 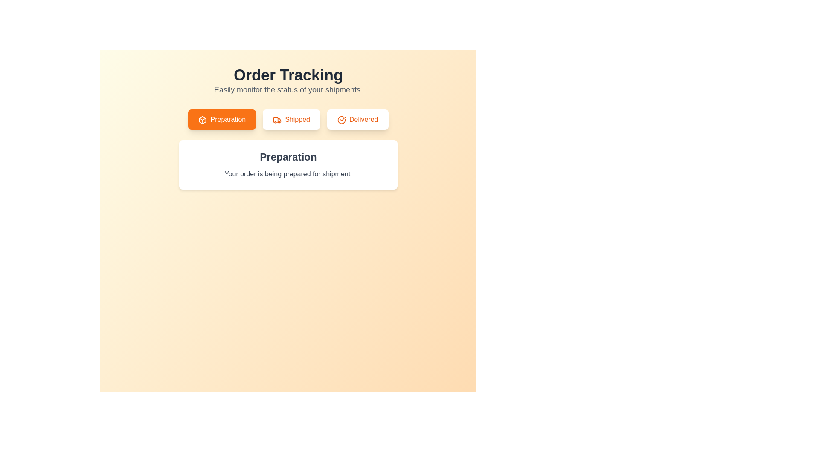 I want to click on the Shipped tab to view its content, so click(x=291, y=120).